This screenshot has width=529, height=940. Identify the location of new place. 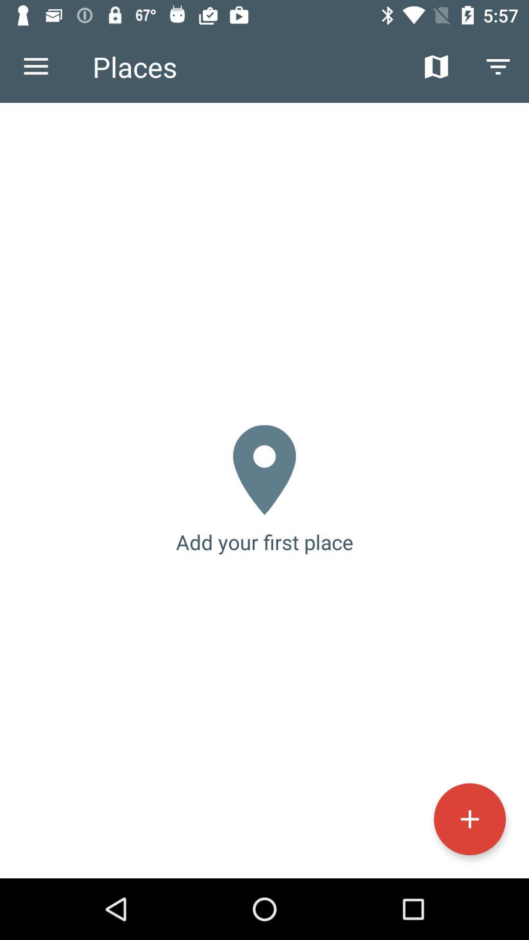
(469, 819).